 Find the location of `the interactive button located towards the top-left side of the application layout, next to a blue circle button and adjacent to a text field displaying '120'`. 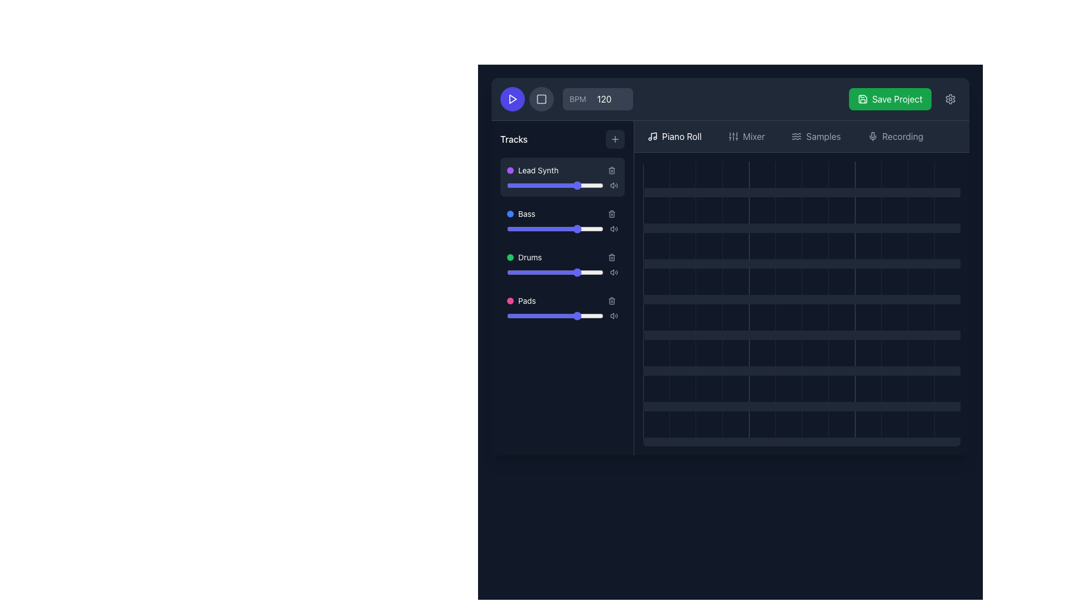

the interactive button located towards the top-left side of the application layout, next to a blue circle button and adjacent to a text field displaying '120' is located at coordinates (541, 98).